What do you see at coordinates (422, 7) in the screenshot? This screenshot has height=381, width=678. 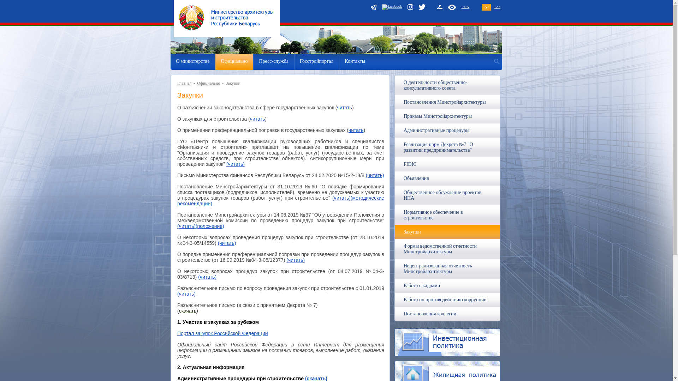 I see `'Twitter'` at bounding box center [422, 7].